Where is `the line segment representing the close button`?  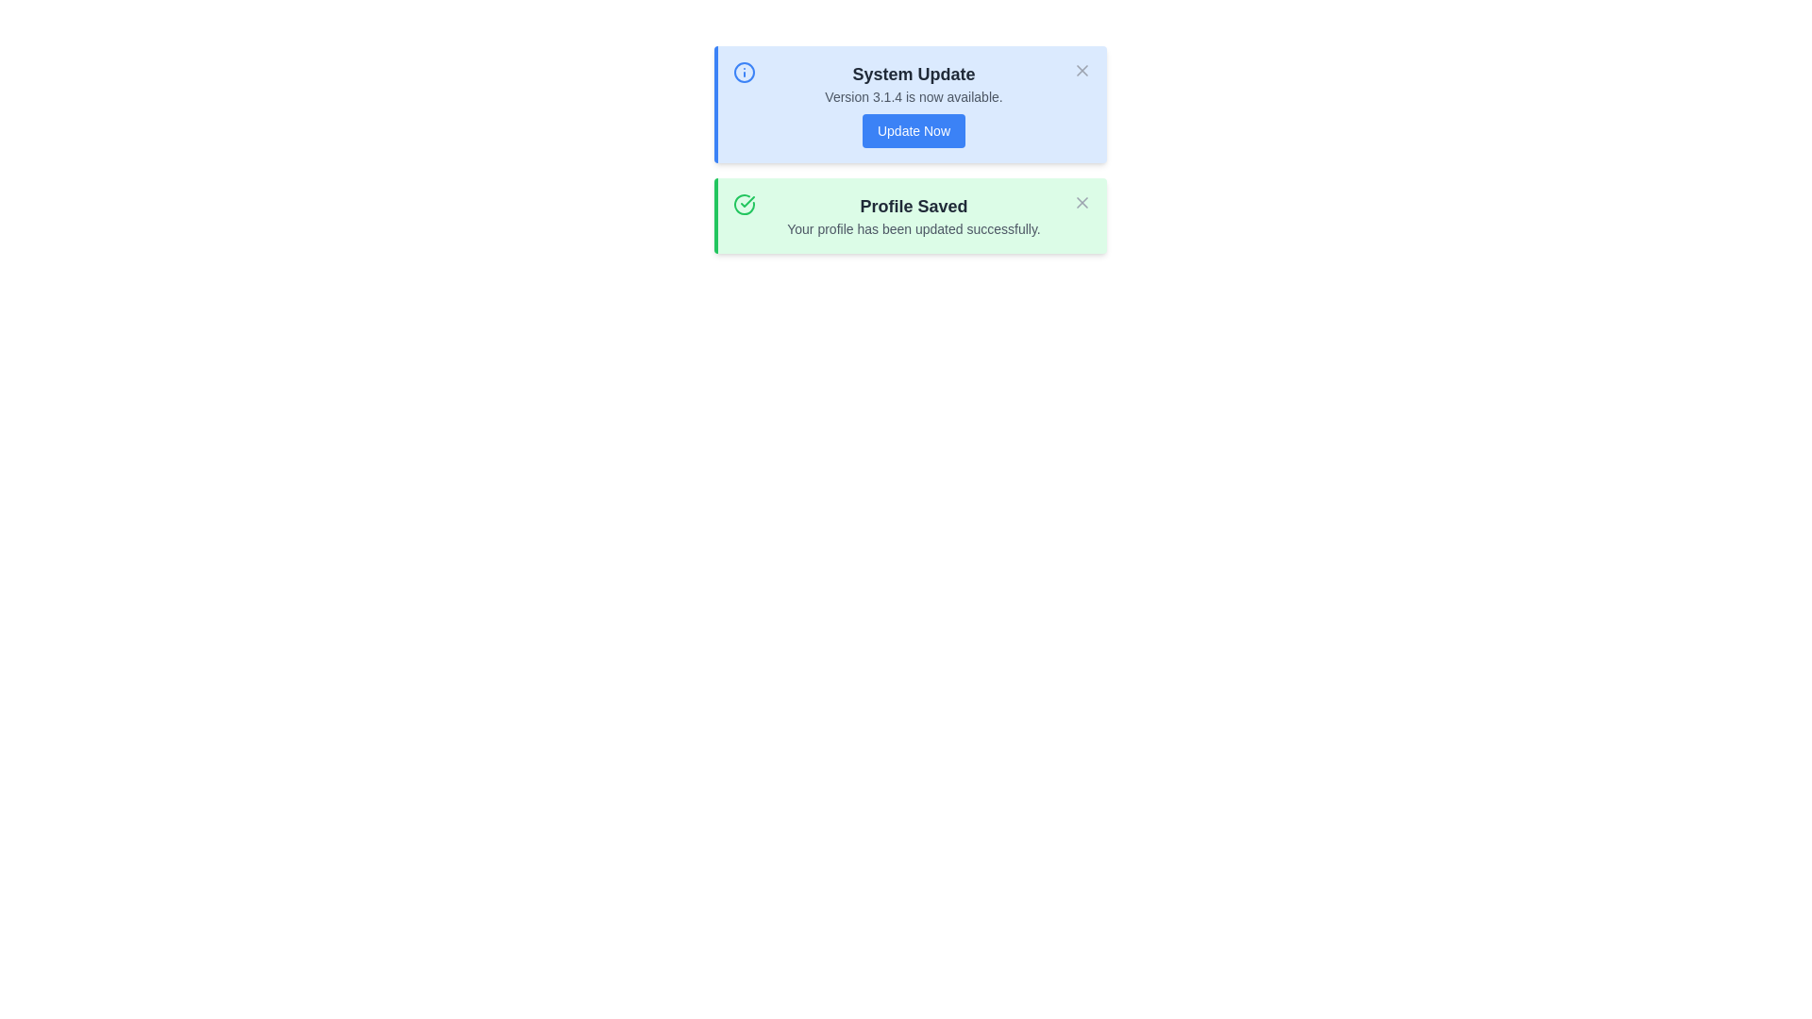
the line segment representing the close button is located at coordinates (1082, 69).